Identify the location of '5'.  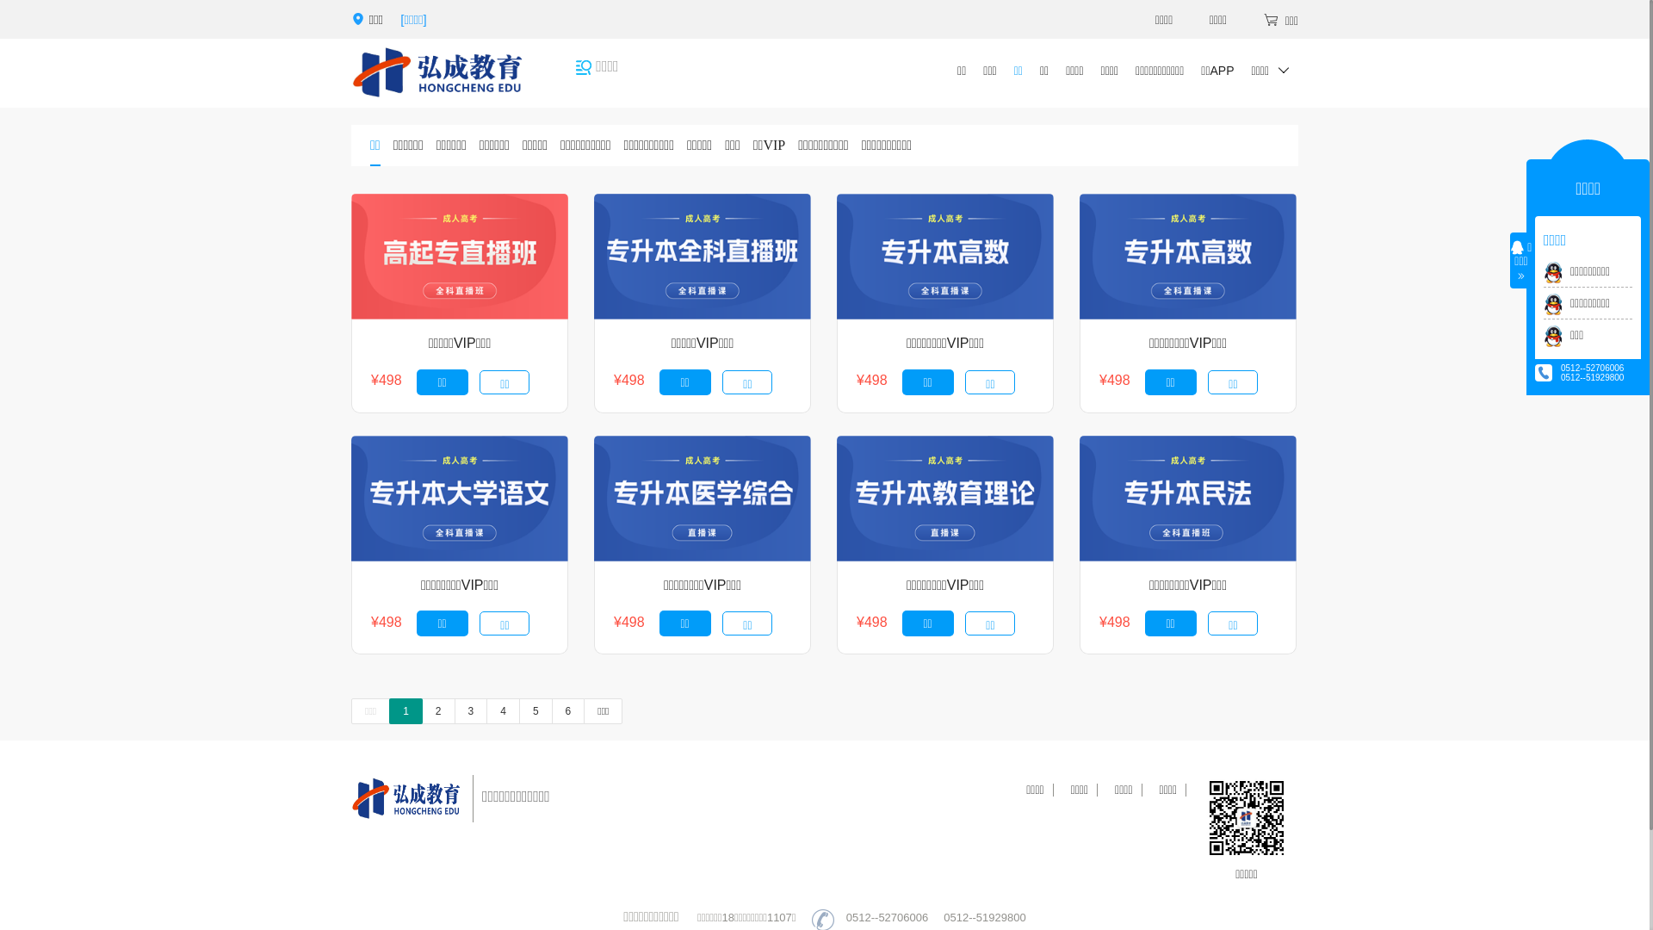
(535, 710).